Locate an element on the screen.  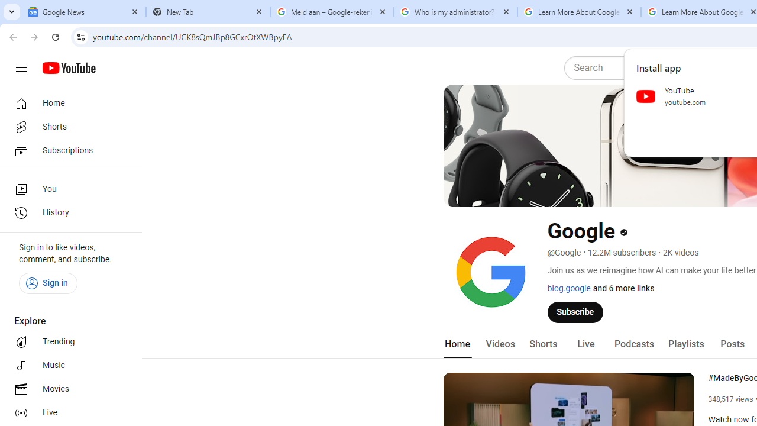
'YouTube Home' is located at coordinates (68, 68).